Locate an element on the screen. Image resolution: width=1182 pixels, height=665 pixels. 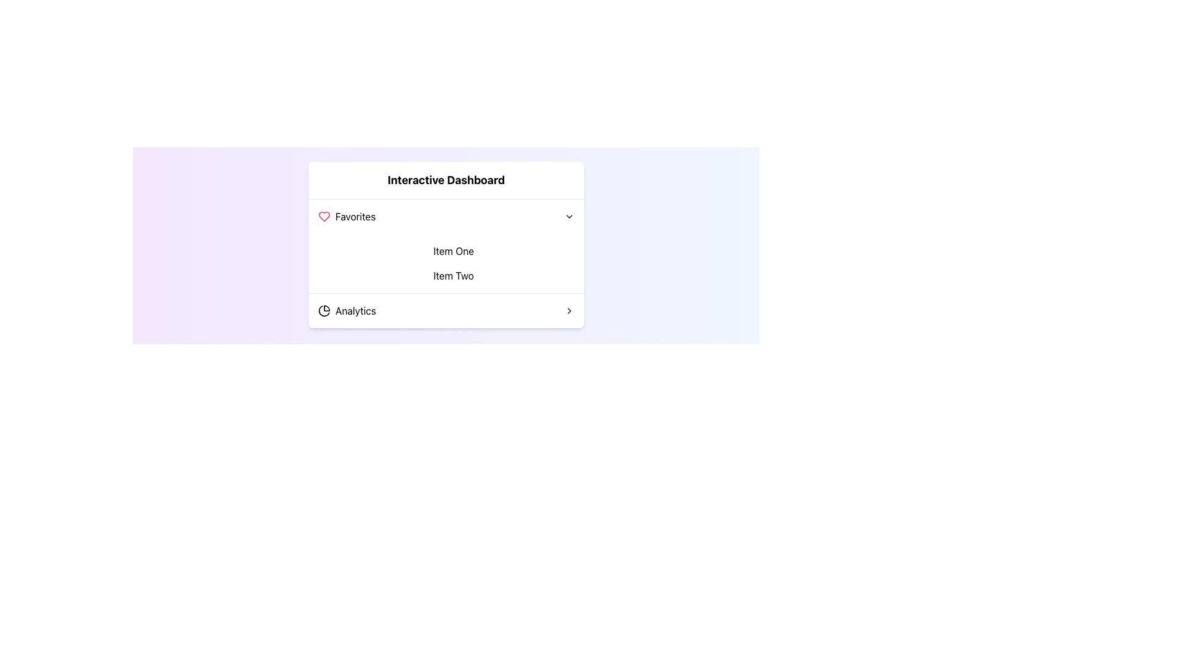
the main content area of the dashboard is located at coordinates (445, 244).